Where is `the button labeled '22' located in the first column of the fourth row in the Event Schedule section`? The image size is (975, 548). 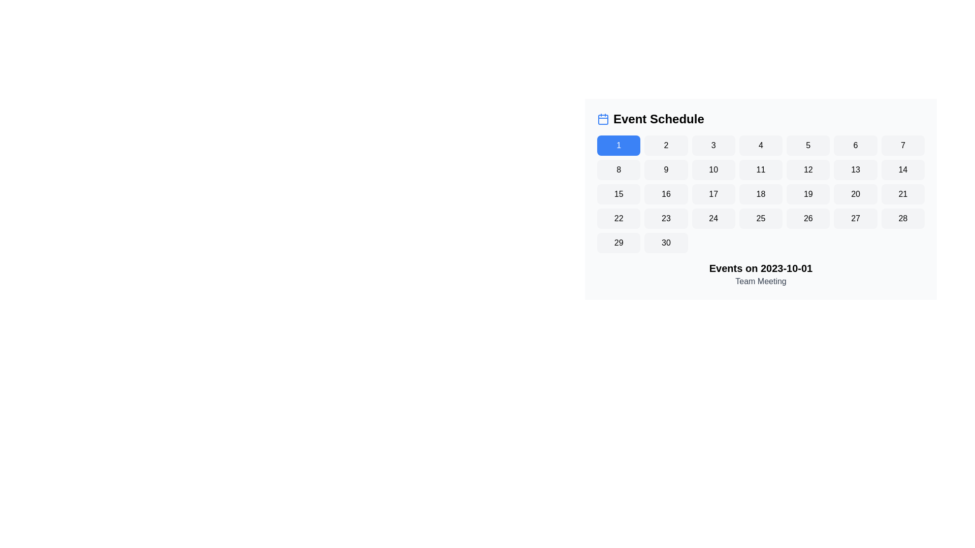
the button labeled '22' located in the first column of the fourth row in the Event Schedule section is located at coordinates (618, 218).